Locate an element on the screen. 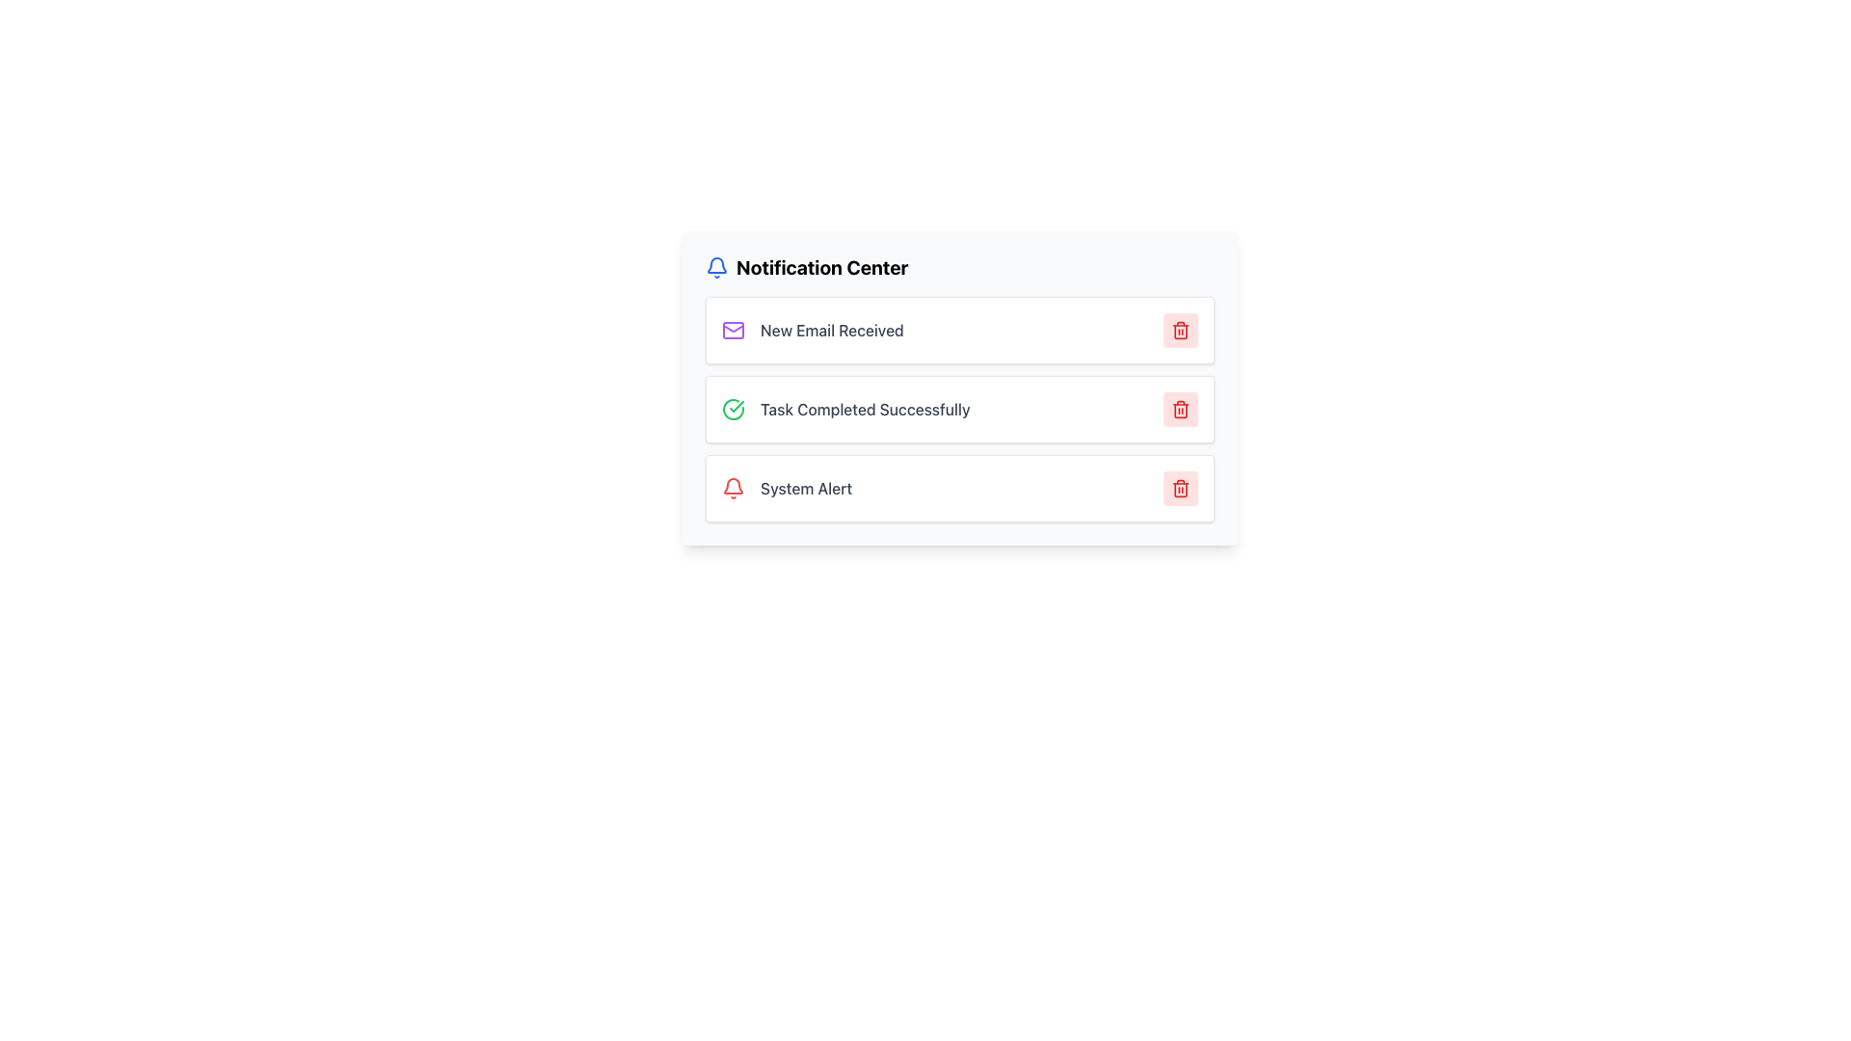  the small square red button with rounded edges and a trash can icon is located at coordinates (1179, 330).